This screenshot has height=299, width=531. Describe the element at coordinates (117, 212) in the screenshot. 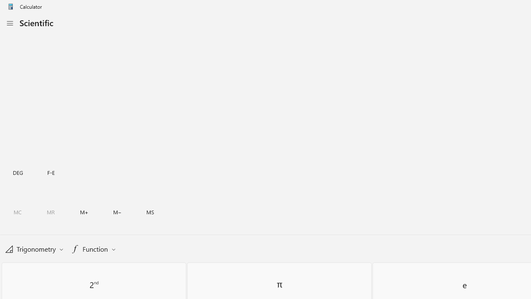

I see `'Memory subtract'` at that location.